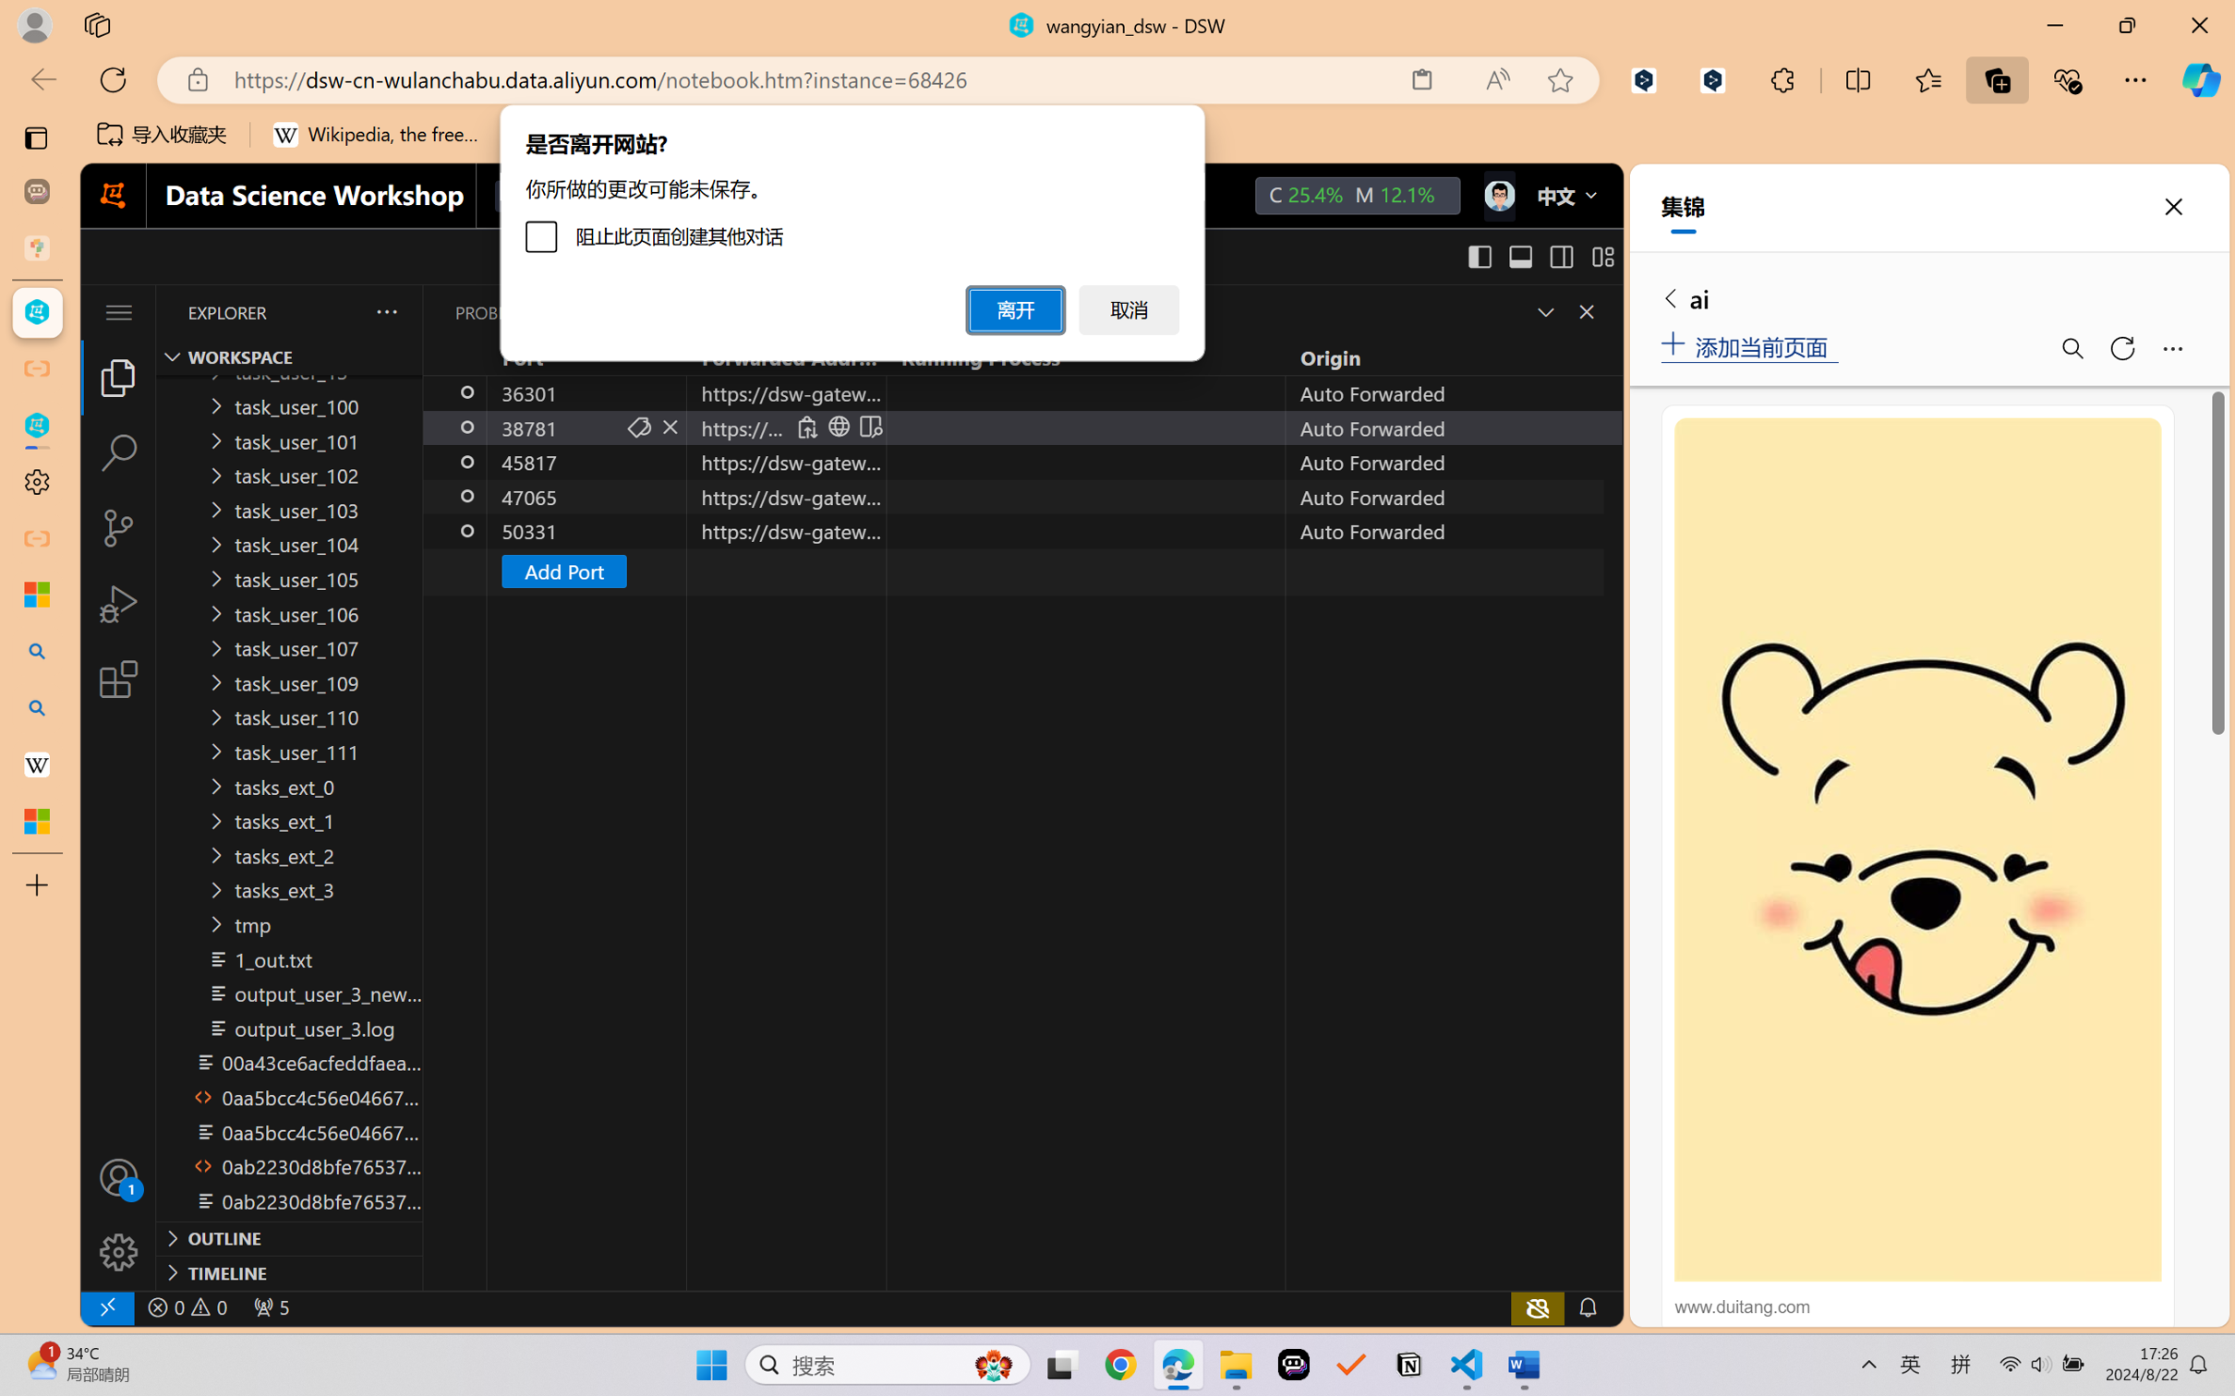 This screenshot has height=1396, width=2235. I want to click on 'Copilot (Ctrl+Shift+.)', so click(2201, 79).